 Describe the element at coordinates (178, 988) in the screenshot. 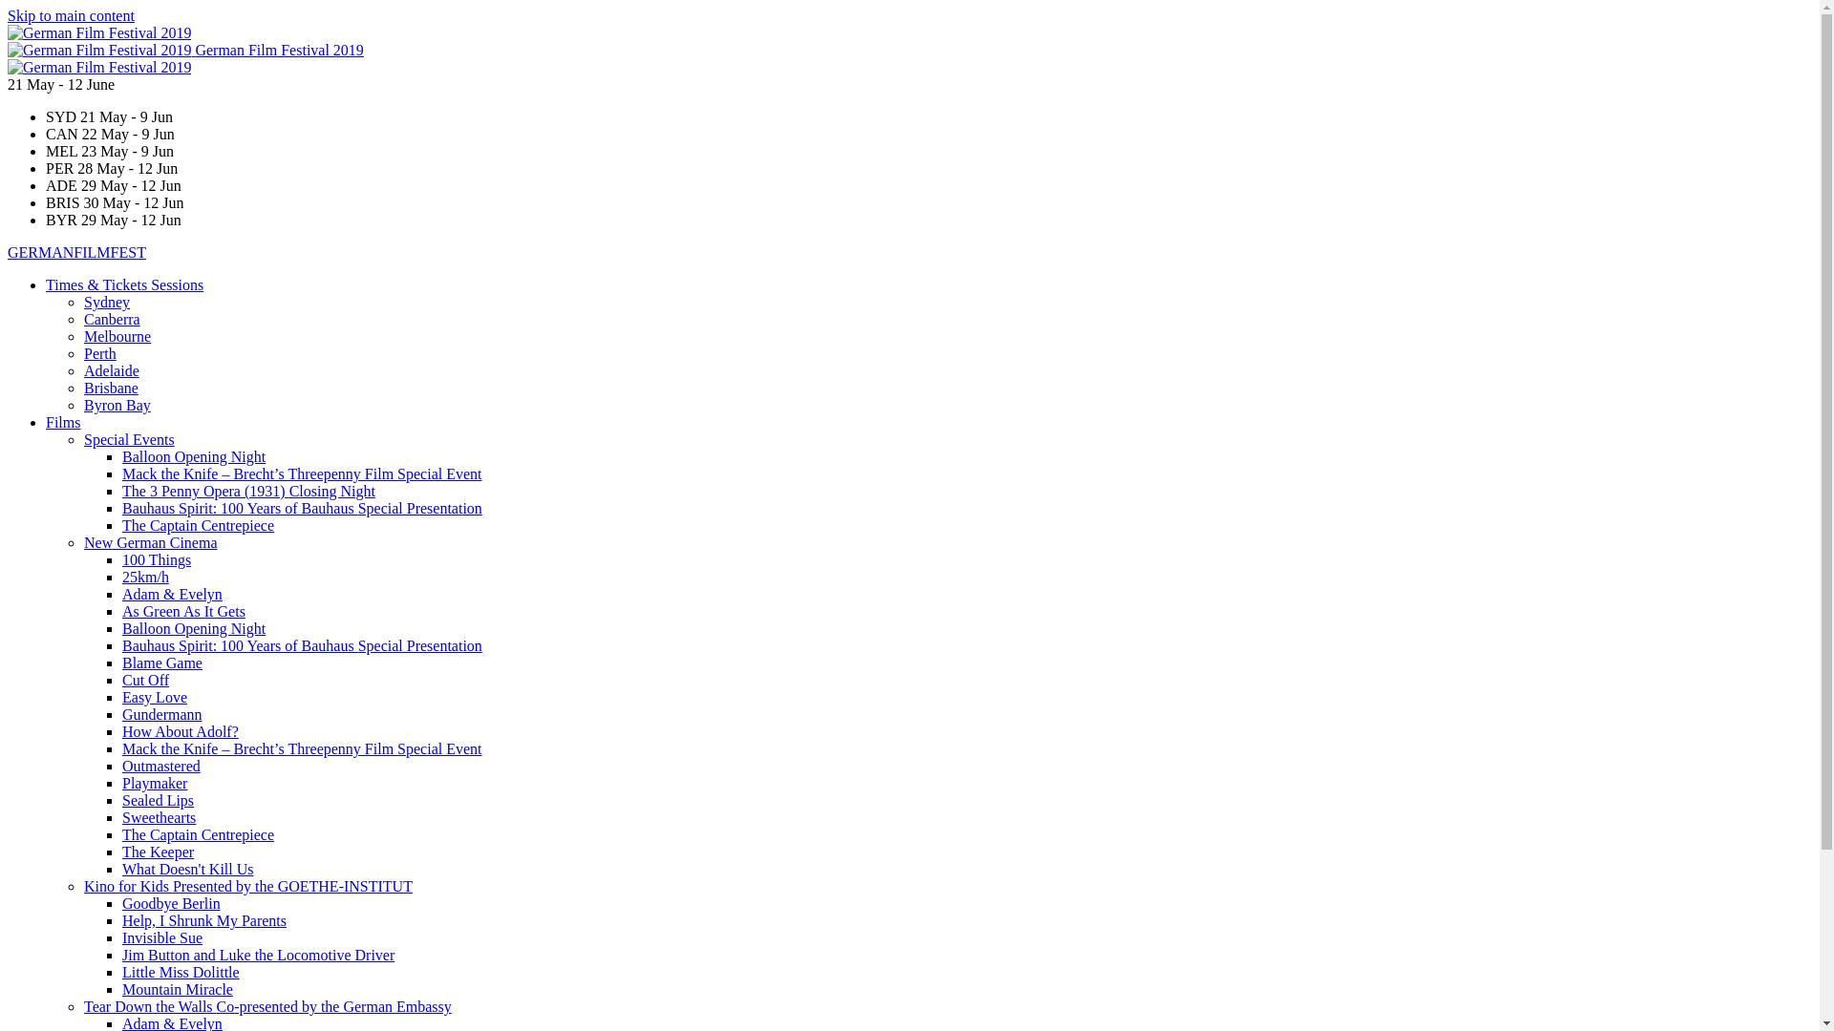

I see `'Mountain Miracle'` at that location.